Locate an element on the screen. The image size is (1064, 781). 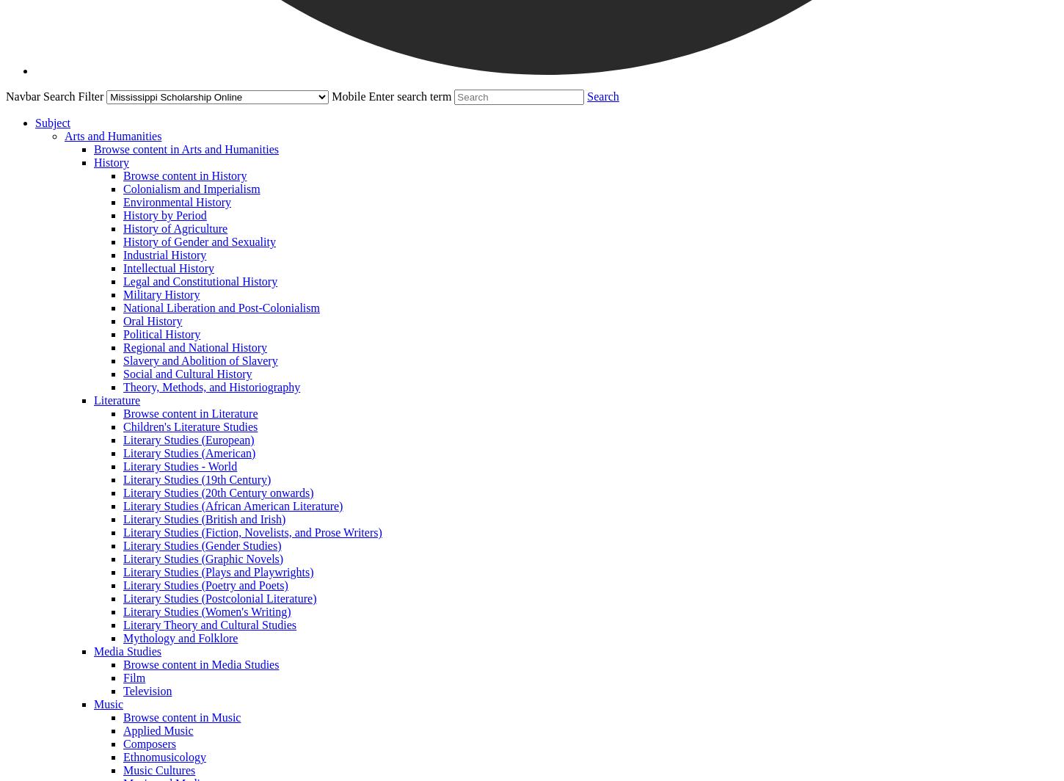
'Colonialism and Imperialism' is located at coordinates (192, 189).